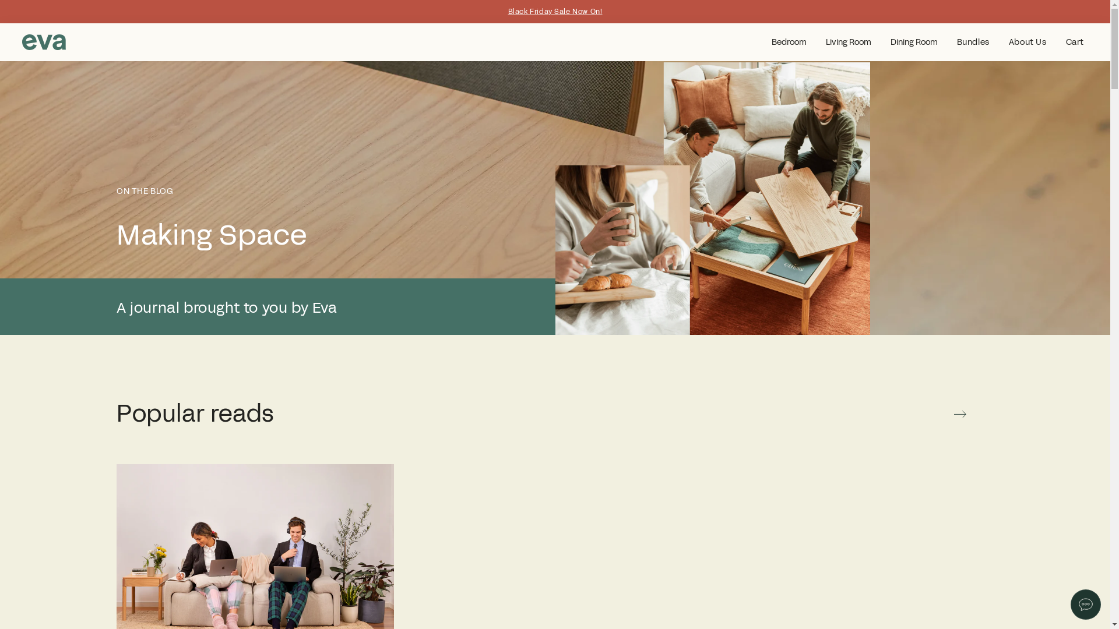 The height and width of the screenshot is (629, 1119). What do you see at coordinates (913, 42) in the screenshot?
I see `'Dining Room'` at bounding box center [913, 42].